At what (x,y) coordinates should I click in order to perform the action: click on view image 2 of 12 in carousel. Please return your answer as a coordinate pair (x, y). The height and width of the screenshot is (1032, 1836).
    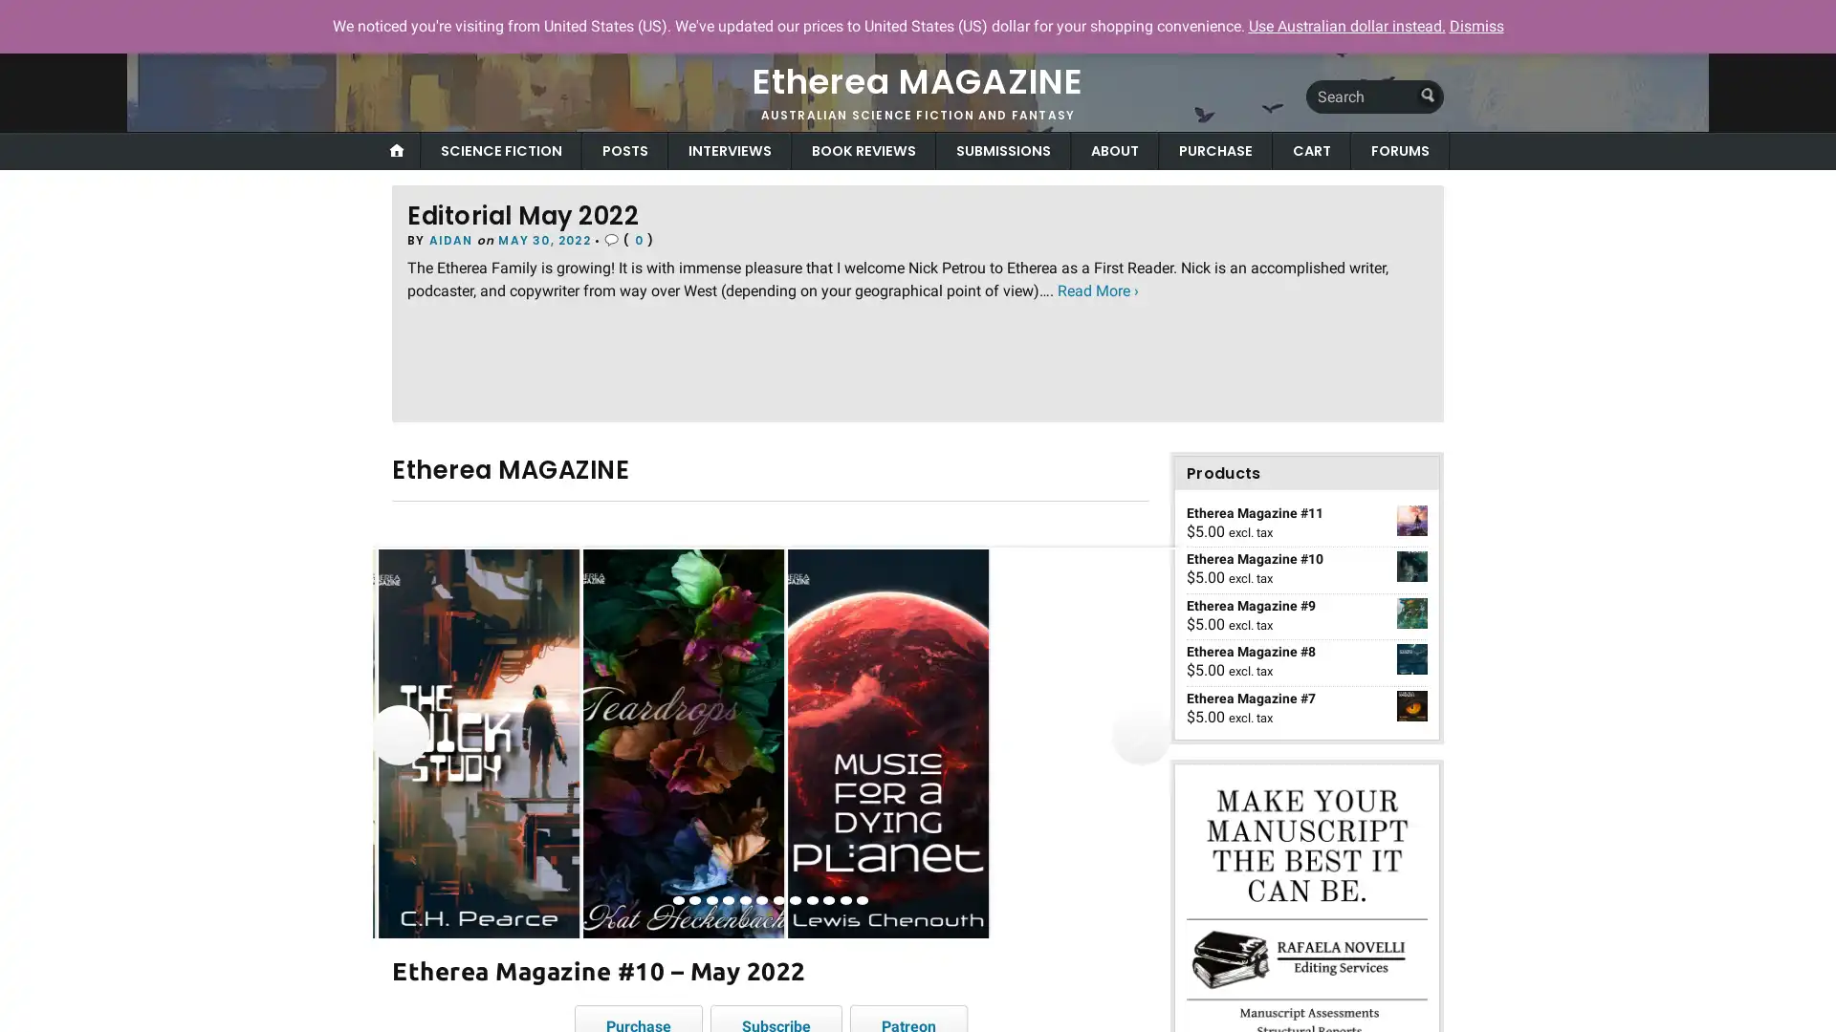
    Looking at the image, I should click on (693, 899).